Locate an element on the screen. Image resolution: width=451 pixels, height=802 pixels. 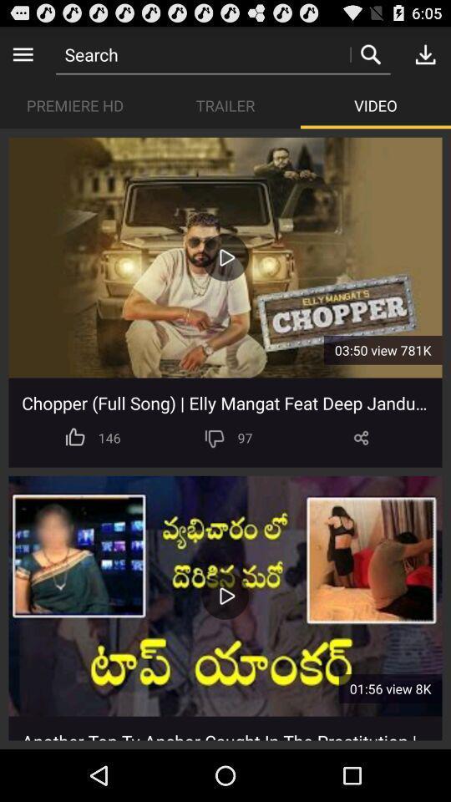
the icon to the left of search icon is located at coordinates (22, 53).